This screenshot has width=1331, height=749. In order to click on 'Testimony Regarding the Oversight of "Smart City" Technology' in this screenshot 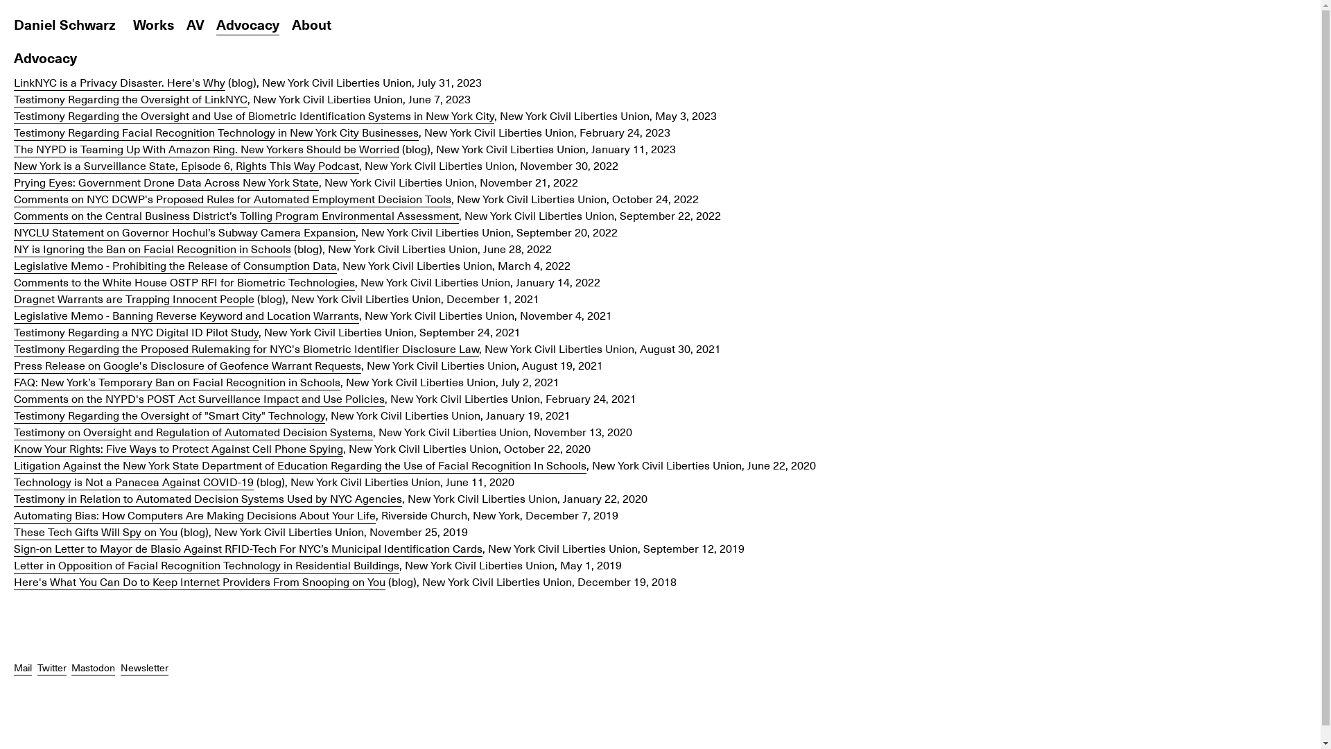, I will do `click(13, 414)`.